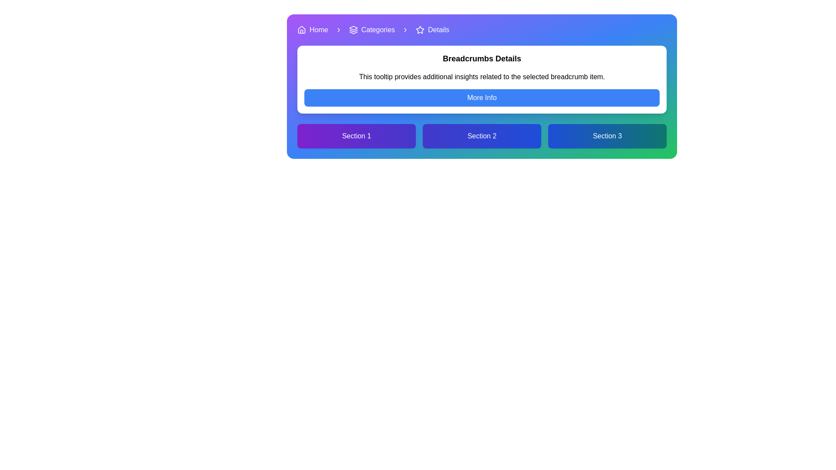  What do you see at coordinates (301, 30) in the screenshot?
I see `the 'Home' icon SVG graphic as a static decorative component located at the far left of the navigation menu, directly next to the text 'Home'` at bounding box center [301, 30].